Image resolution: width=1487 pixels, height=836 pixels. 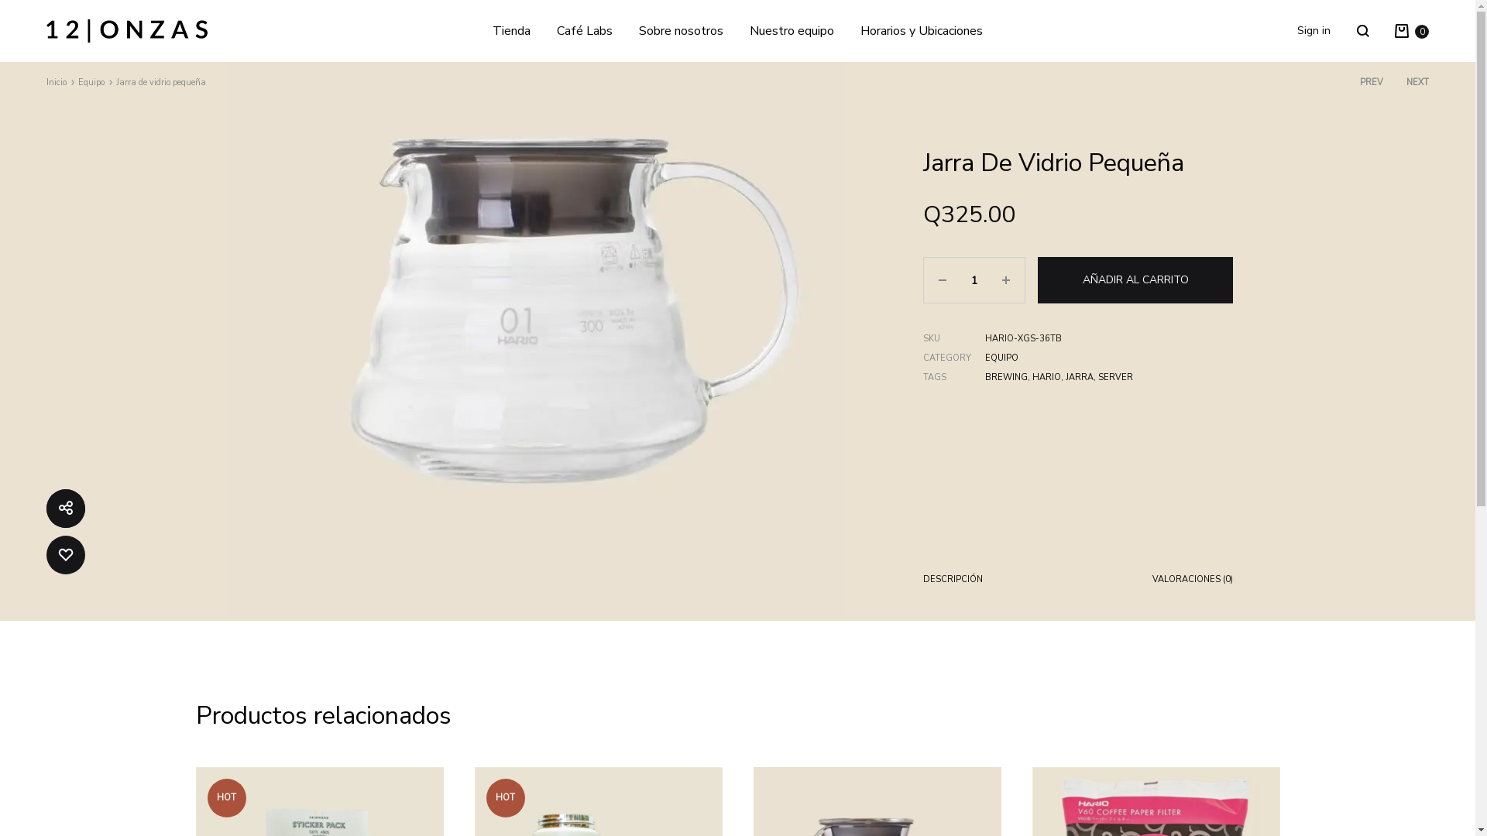 I want to click on 'SERVER', so click(x=1097, y=377).